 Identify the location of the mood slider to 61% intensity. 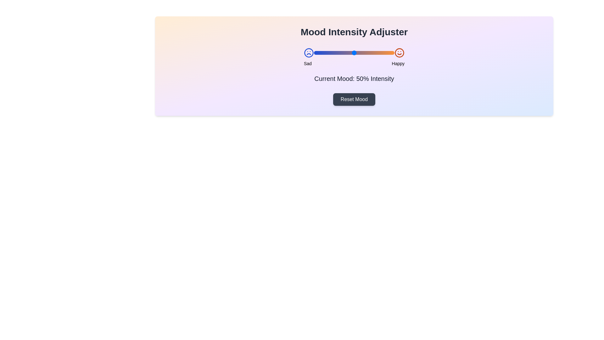
(363, 53).